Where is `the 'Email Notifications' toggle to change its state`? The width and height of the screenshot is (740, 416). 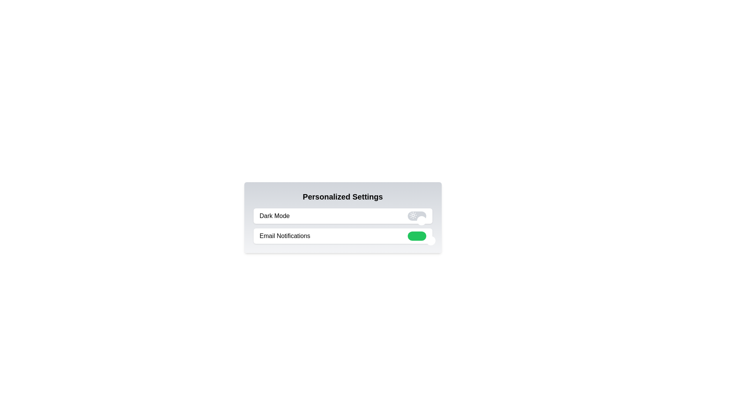
the 'Email Notifications' toggle to change its state is located at coordinates (416, 236).